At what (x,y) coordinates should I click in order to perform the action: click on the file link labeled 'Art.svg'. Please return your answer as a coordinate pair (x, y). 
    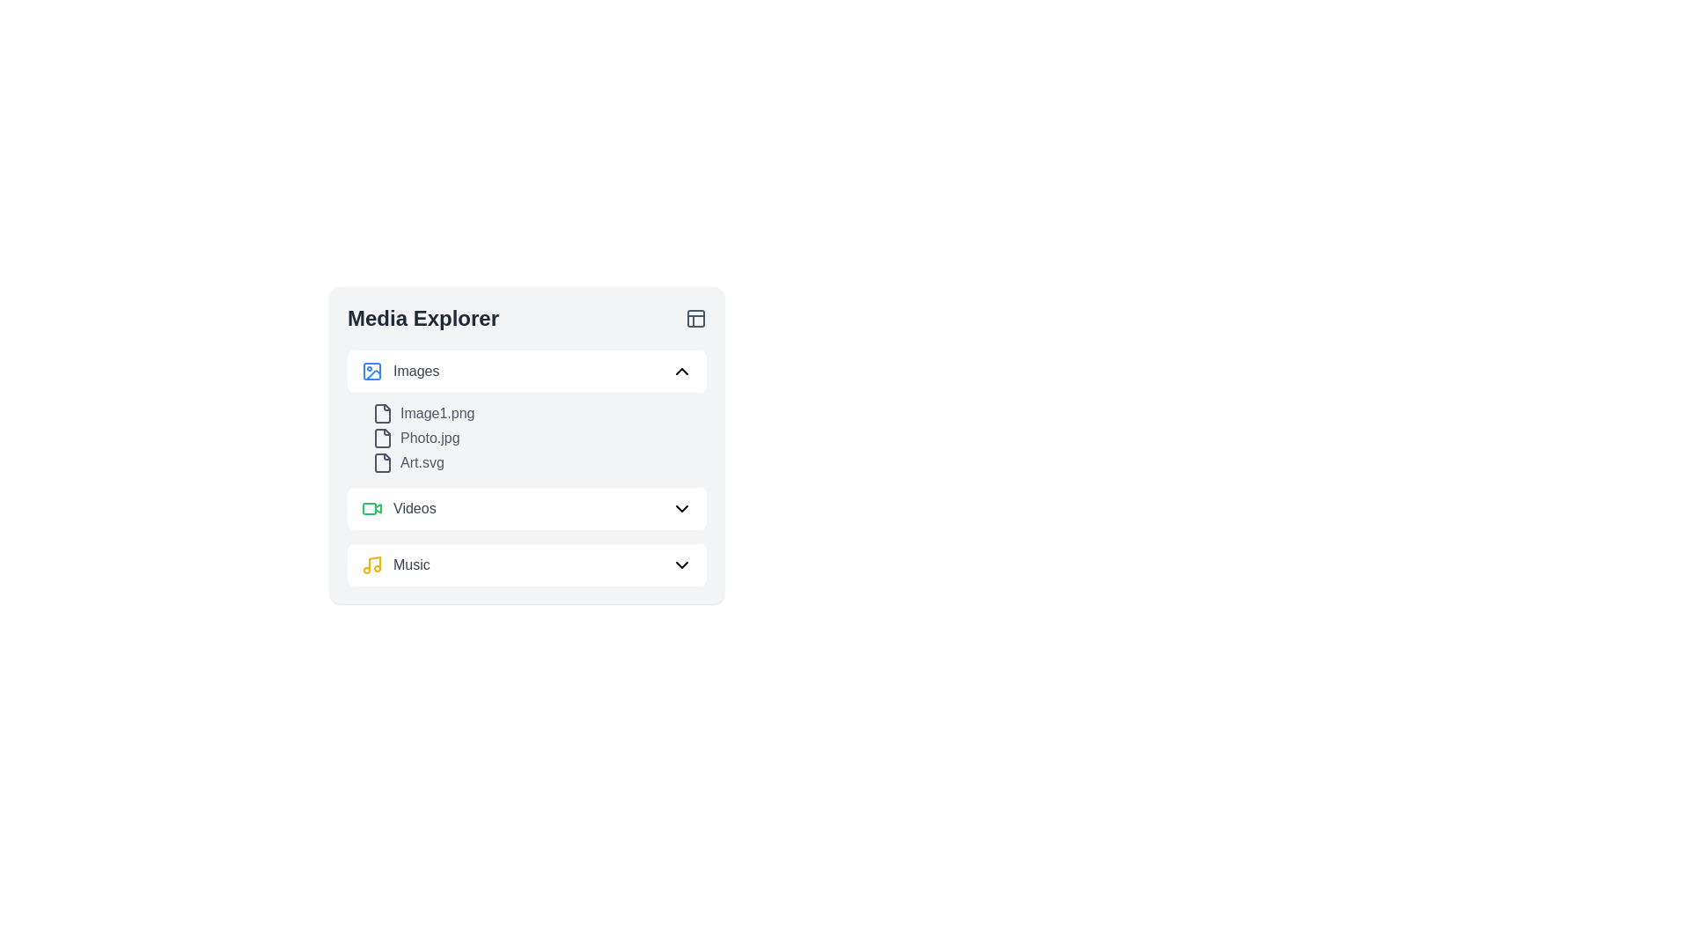
    Looking at the image, I should click on (539, 461).